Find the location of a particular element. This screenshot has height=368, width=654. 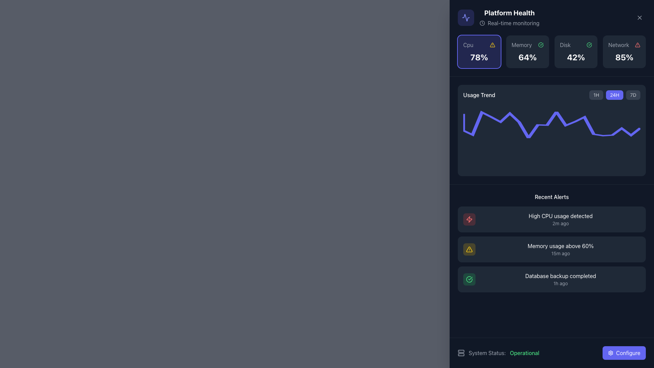

the warning icon indicating CPU status located in the top-left corner of the interface, positioned to the right of the 'CPU' label and above the '78%' value display is located at coordinates (492, 45).